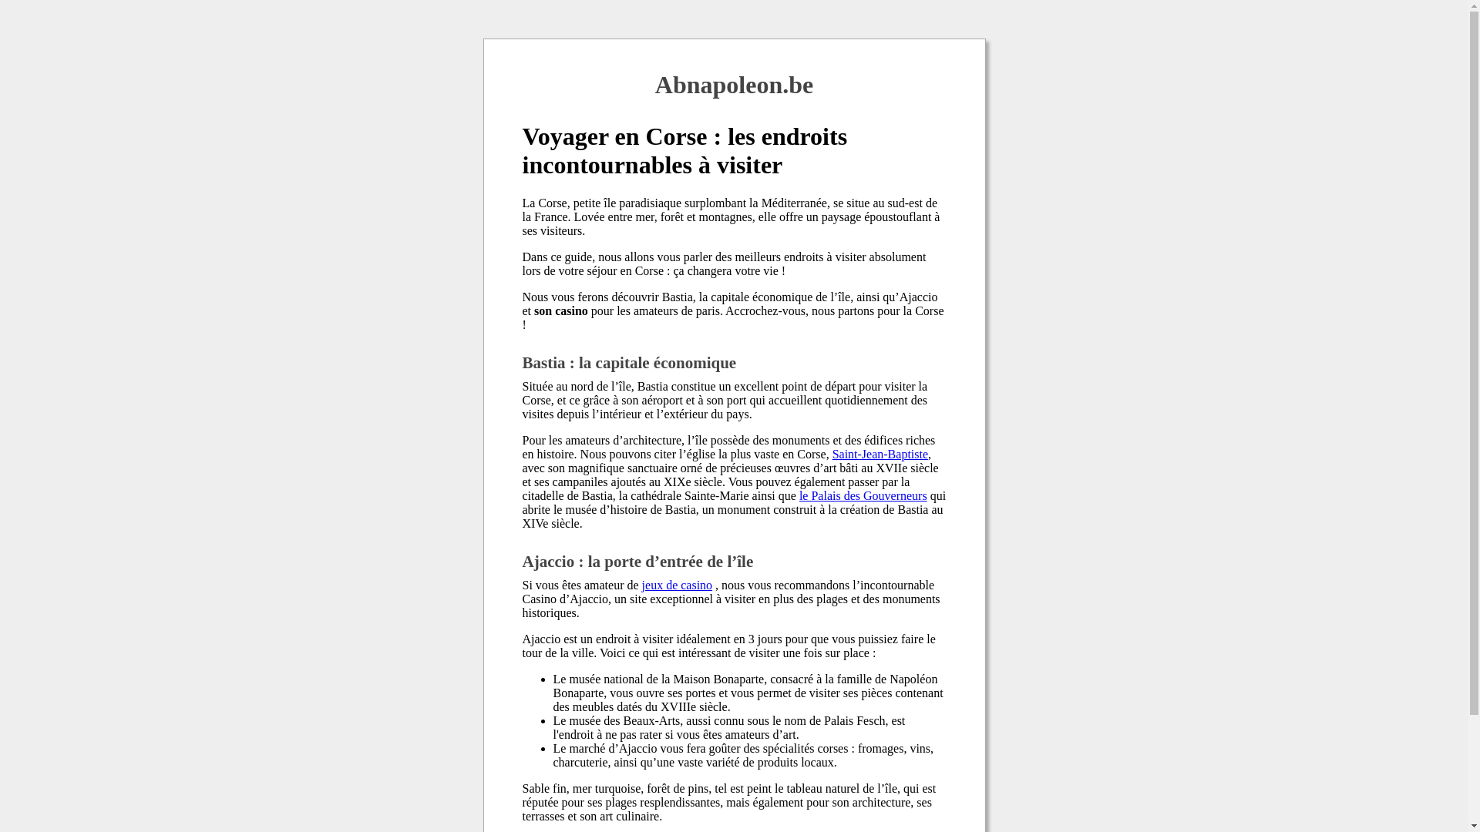 This screenshot has width=1480, height=832. I want to click on 'le Palais des Gouverneurs', so click(862, 495).